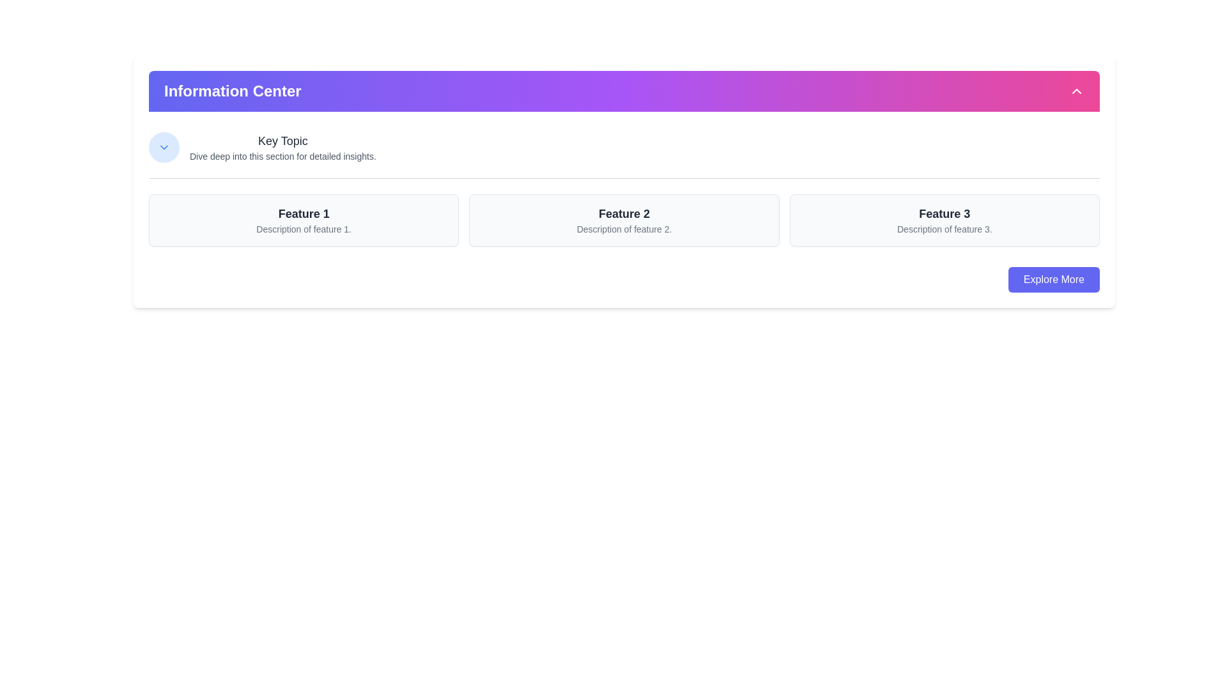 This screenshot has width=1227, height=690. What do you see at coordinates (624, 228) in the screenshot?
I see `the text label element that contains the description 'Description of feature 2.' located below the 'Feature 2' heading in the second column of the feature cards` at bounding box center [624, 228].